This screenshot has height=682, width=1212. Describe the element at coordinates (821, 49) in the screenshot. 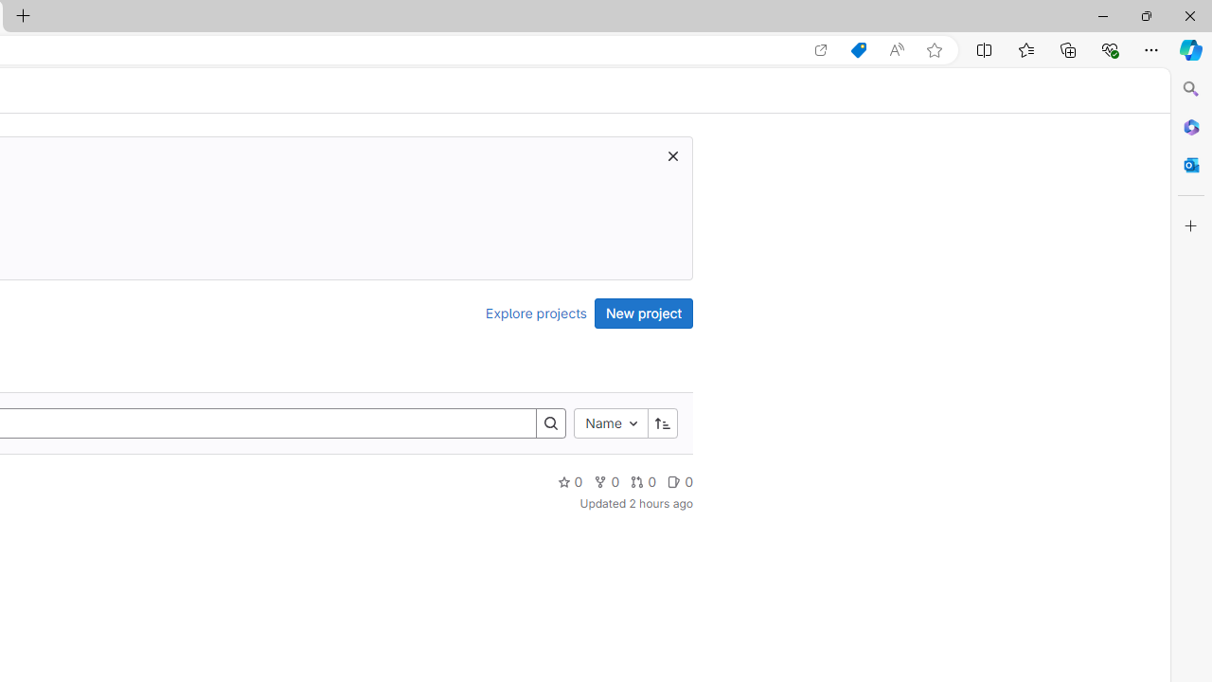

I see `'Open in app'` at that location.